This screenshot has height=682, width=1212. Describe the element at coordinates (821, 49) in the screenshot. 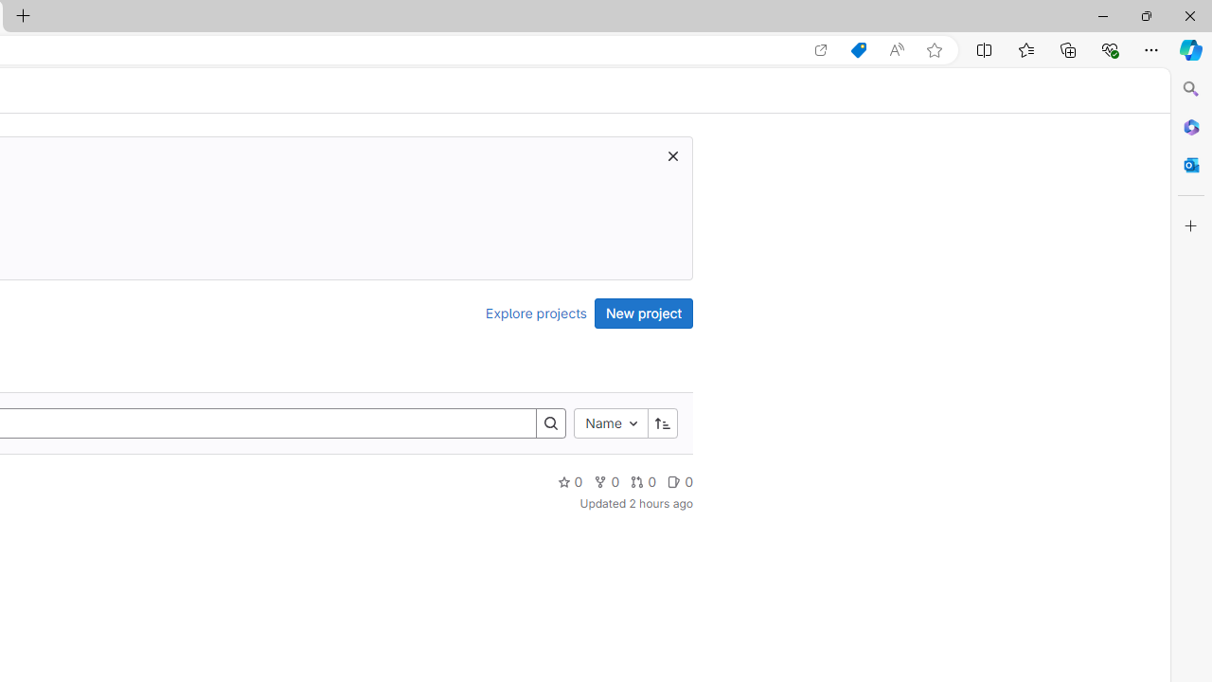

I see `'Open in app'` at that location.